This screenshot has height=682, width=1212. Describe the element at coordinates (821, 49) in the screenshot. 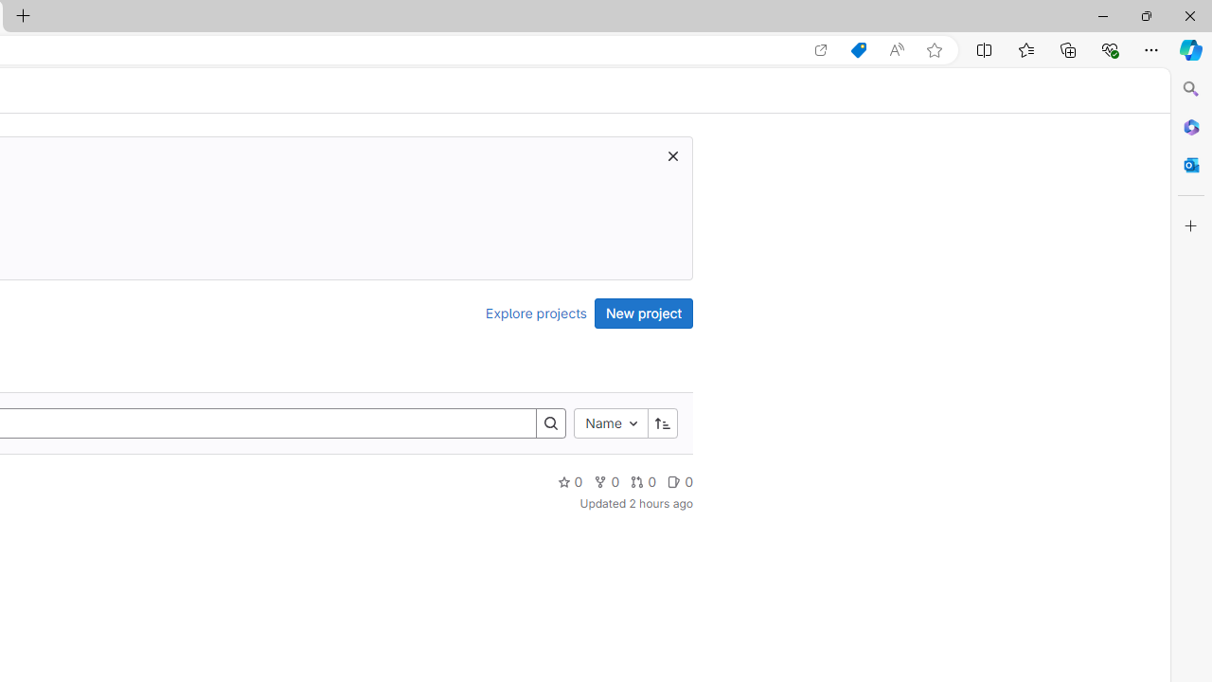

I see `'Open in app'` at that location.